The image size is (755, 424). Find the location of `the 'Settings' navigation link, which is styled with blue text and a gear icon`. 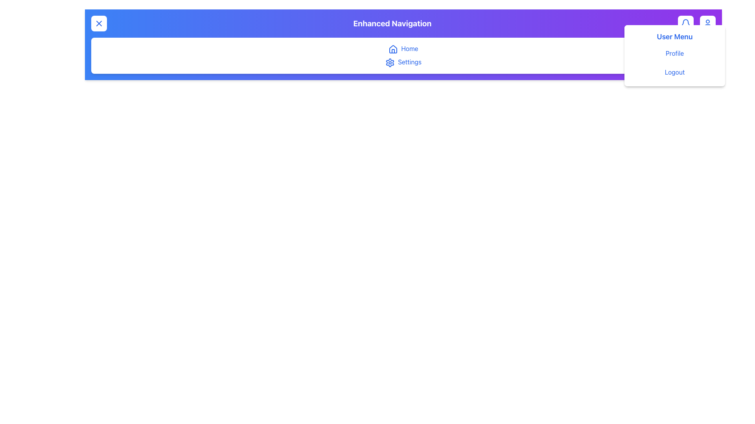

the 'Settings' navigation link, which is styled with blue text and a gear icon is located at coordinates (403, 62).